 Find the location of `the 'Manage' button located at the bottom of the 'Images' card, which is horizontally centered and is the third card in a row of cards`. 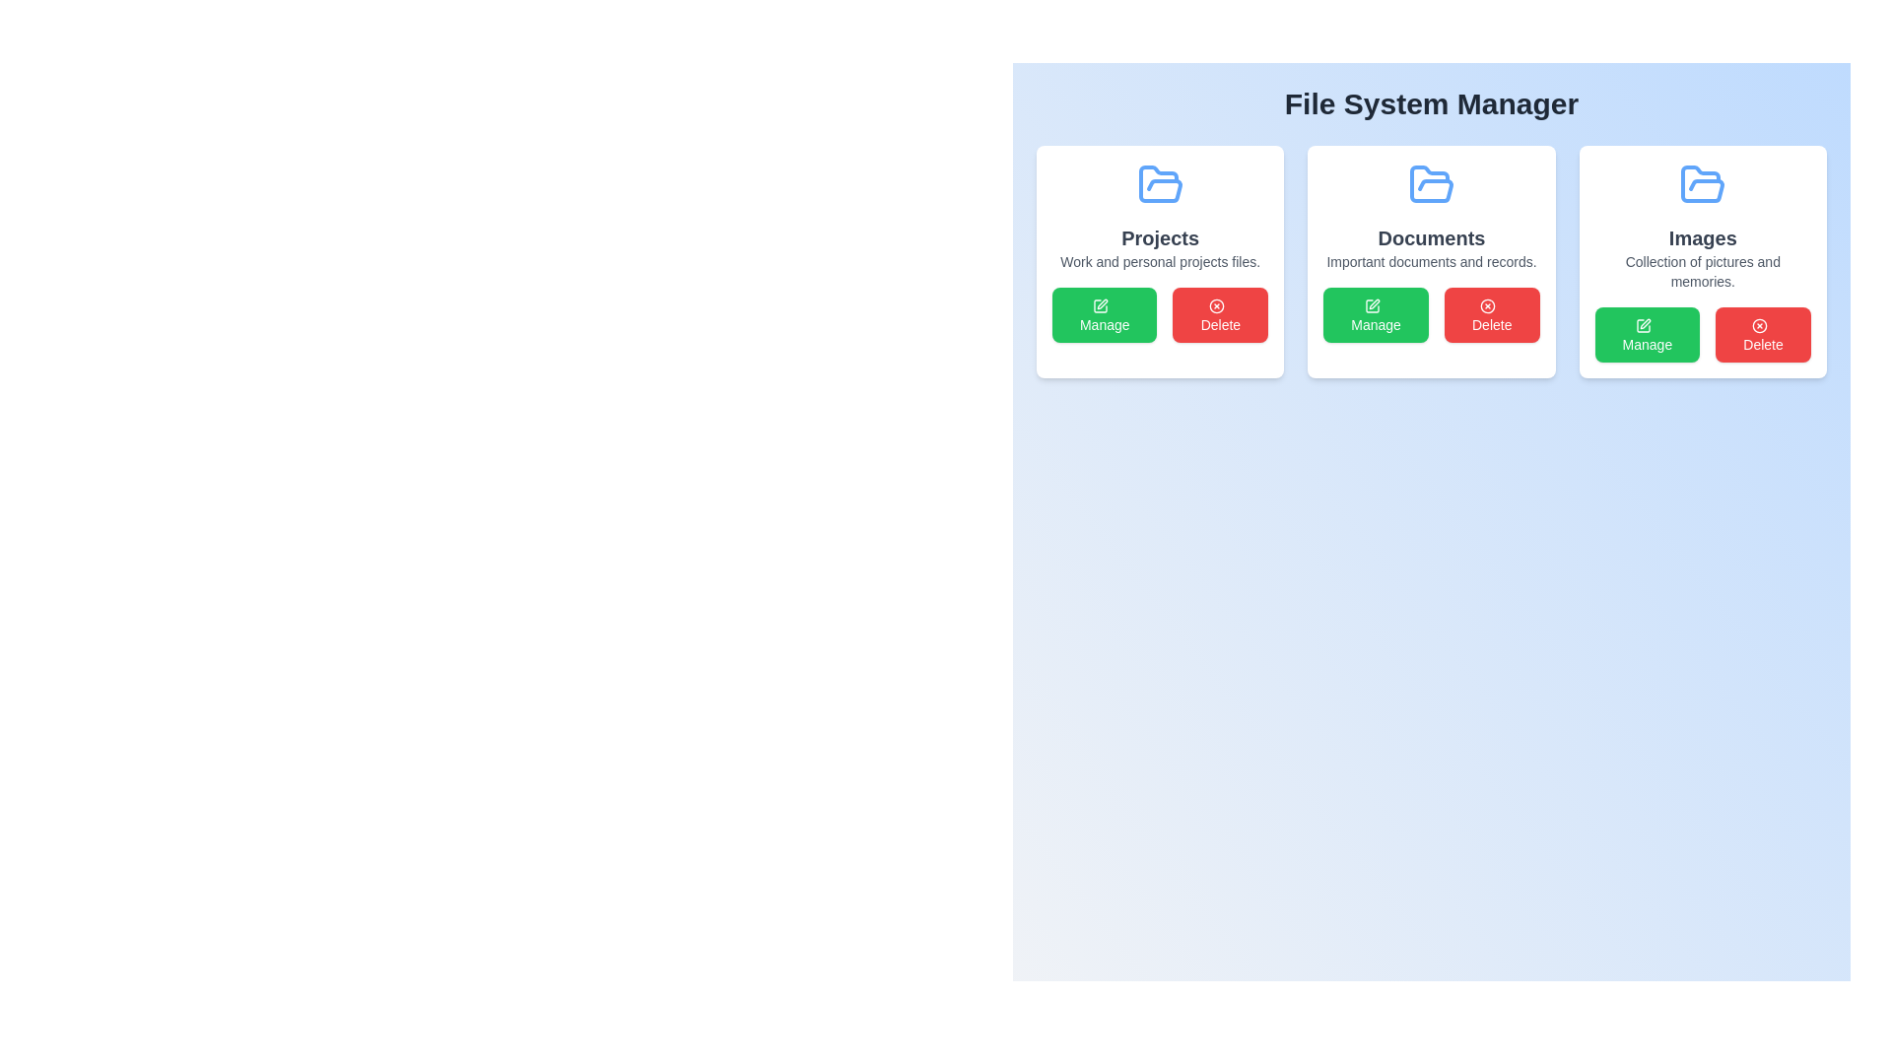

the 'Manage' button located at the bottom of the 'Images' card, which is horizontally centered and is the third card in a row of cards is located at coordinates (1702, 333).